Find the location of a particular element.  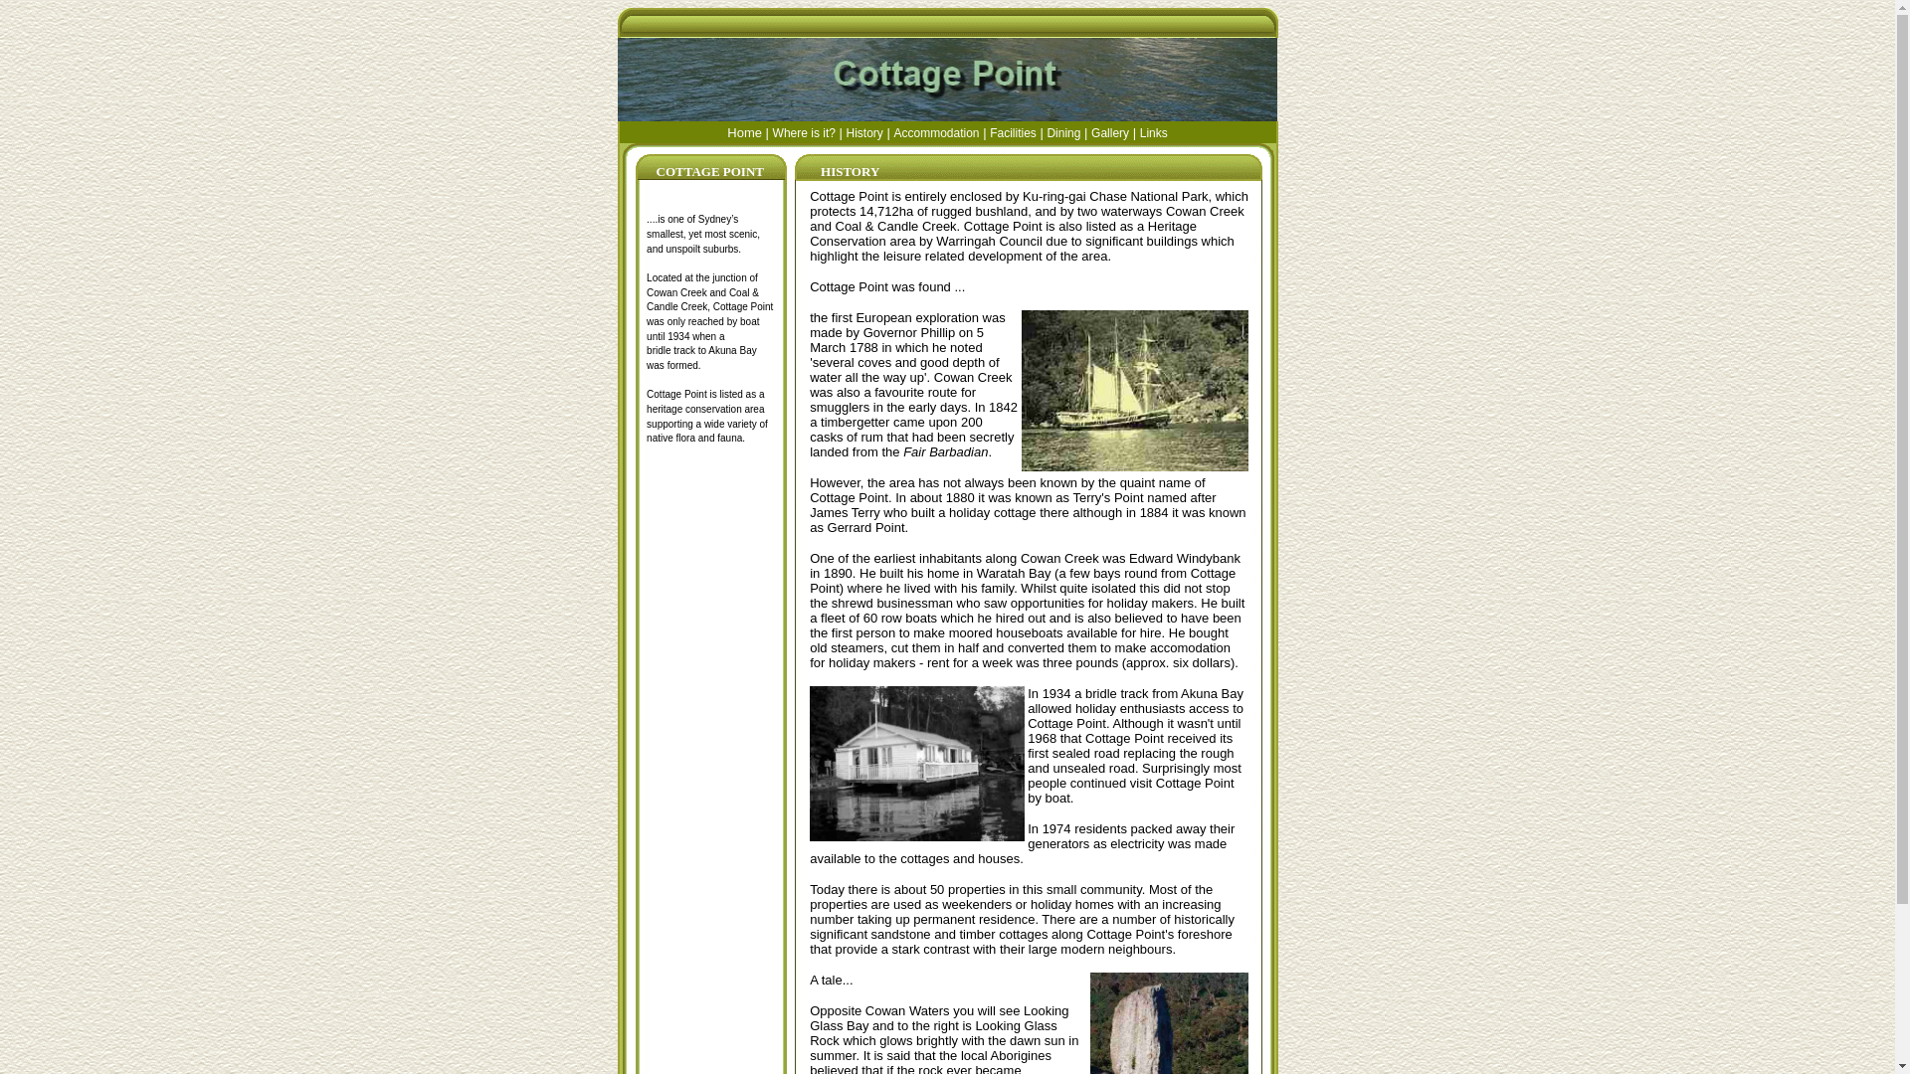

'Home |' is located at coordinates (748, 131).